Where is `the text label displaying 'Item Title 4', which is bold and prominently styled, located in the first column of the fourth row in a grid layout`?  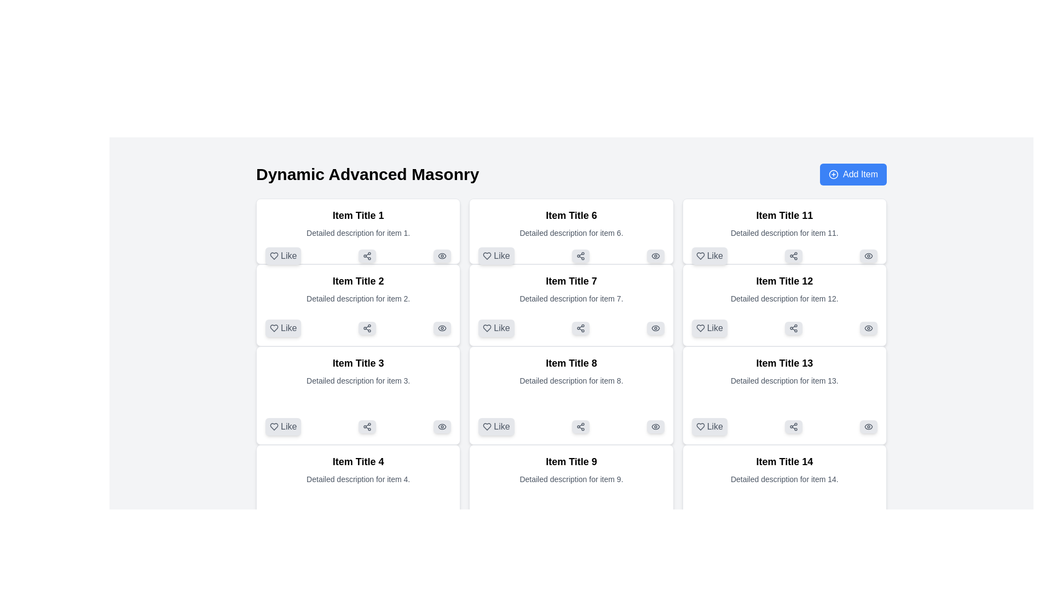
the text label displaying 'Item Title 4', which is bold and prominently styled, located in the first column of the fourth row in a grid layout is located at coordinates (358, 462).